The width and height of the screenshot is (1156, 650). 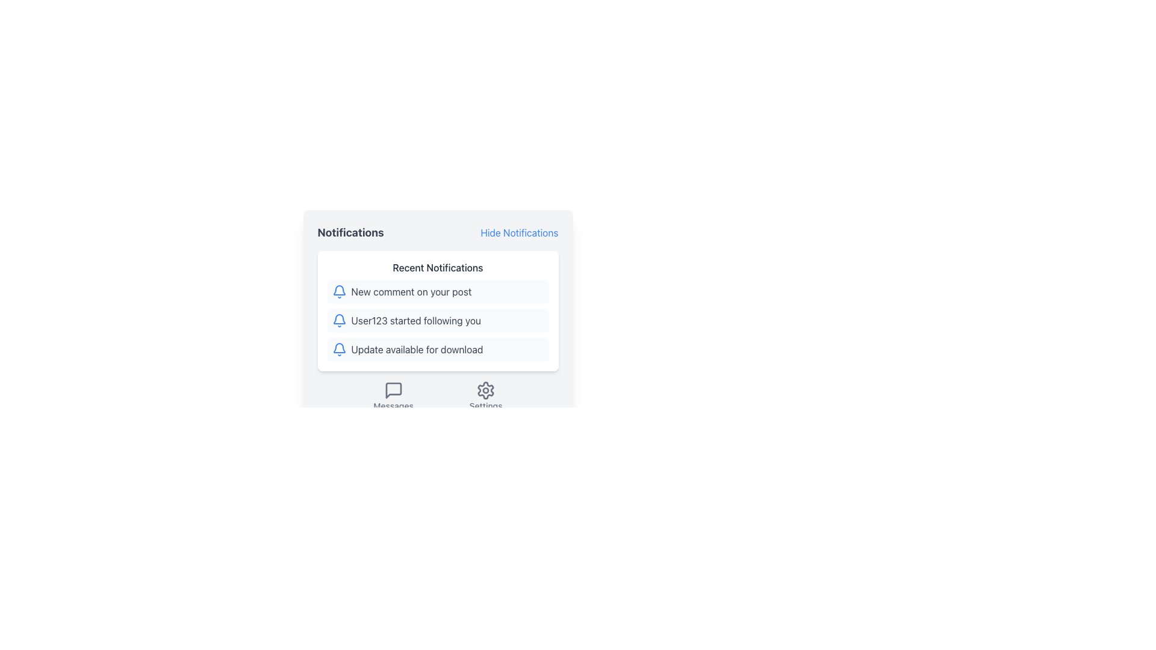 I want to click on the first notification item in the vertical list of notifications, which informs the user about a new comment on their post, so click(x=437, y=292).